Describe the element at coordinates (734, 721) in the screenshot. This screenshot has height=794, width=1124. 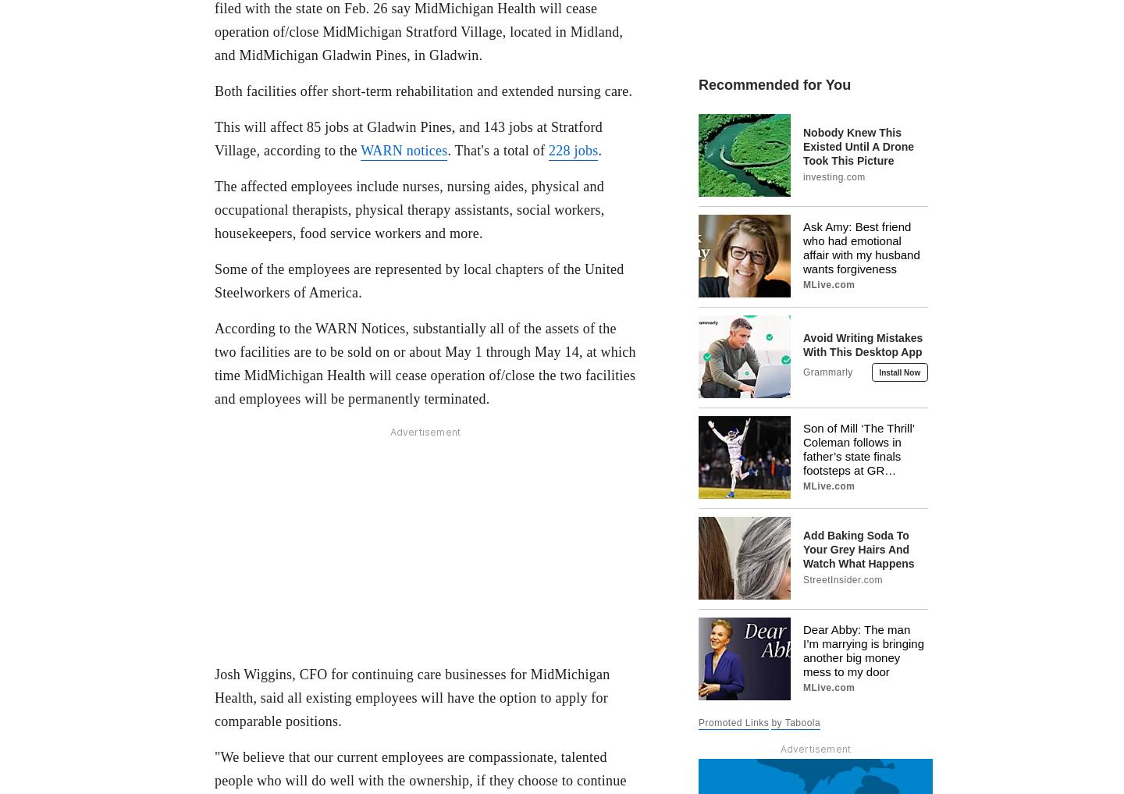
I see `'Promoted Links'` at that location.